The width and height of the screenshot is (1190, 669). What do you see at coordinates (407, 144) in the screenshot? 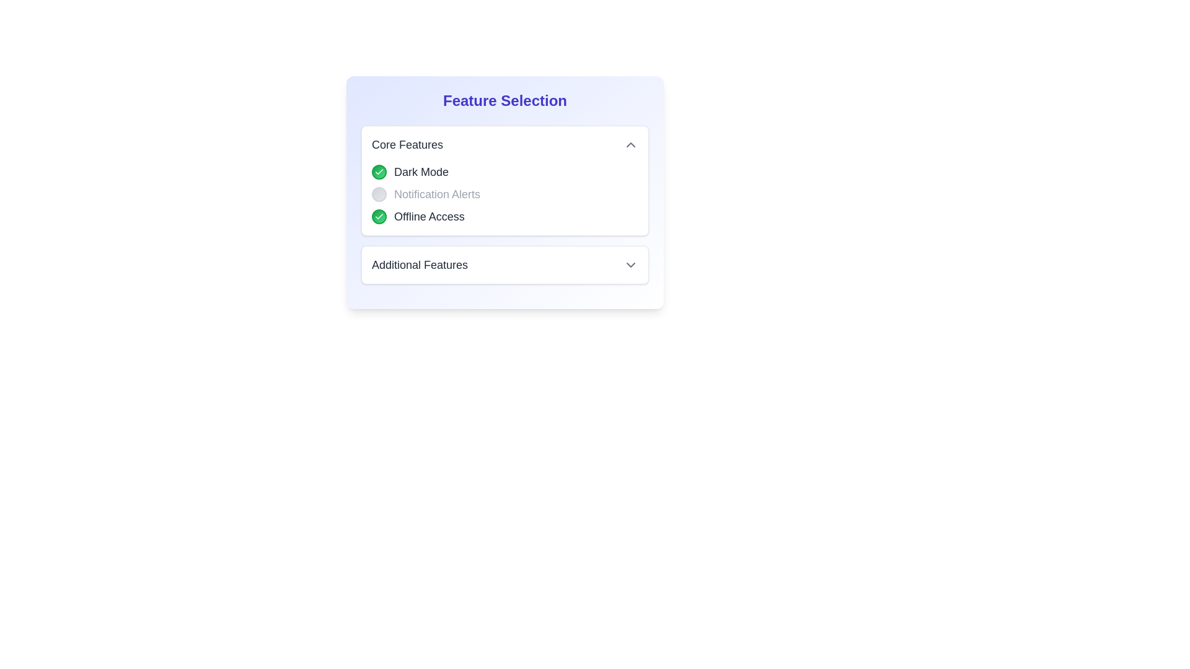
I see `the 'Core Features' static text label, which is styled as a title element in dark gray color and located at the top of an expandable content section` at bounding box center [407, 144].